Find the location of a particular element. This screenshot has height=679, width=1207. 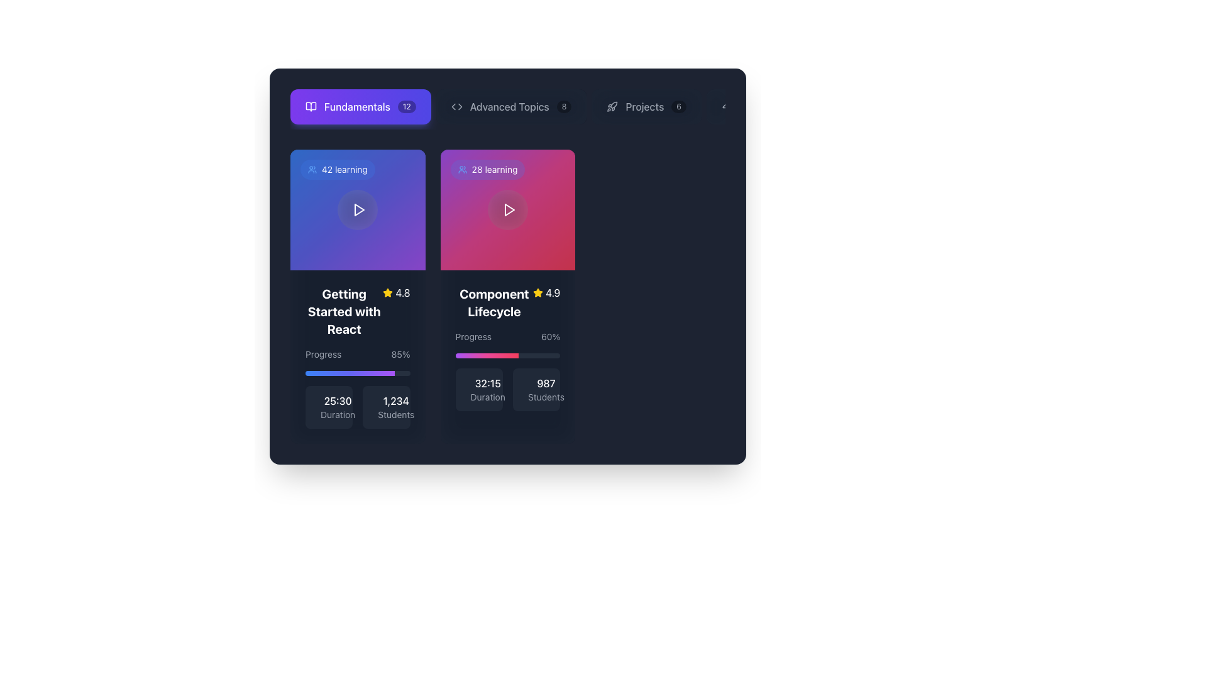

the play button, which is a triangular-shaped white icon within a circular button, located centrally in the card for the 'Getting Started with React' course is located at coordinates (358, 209).